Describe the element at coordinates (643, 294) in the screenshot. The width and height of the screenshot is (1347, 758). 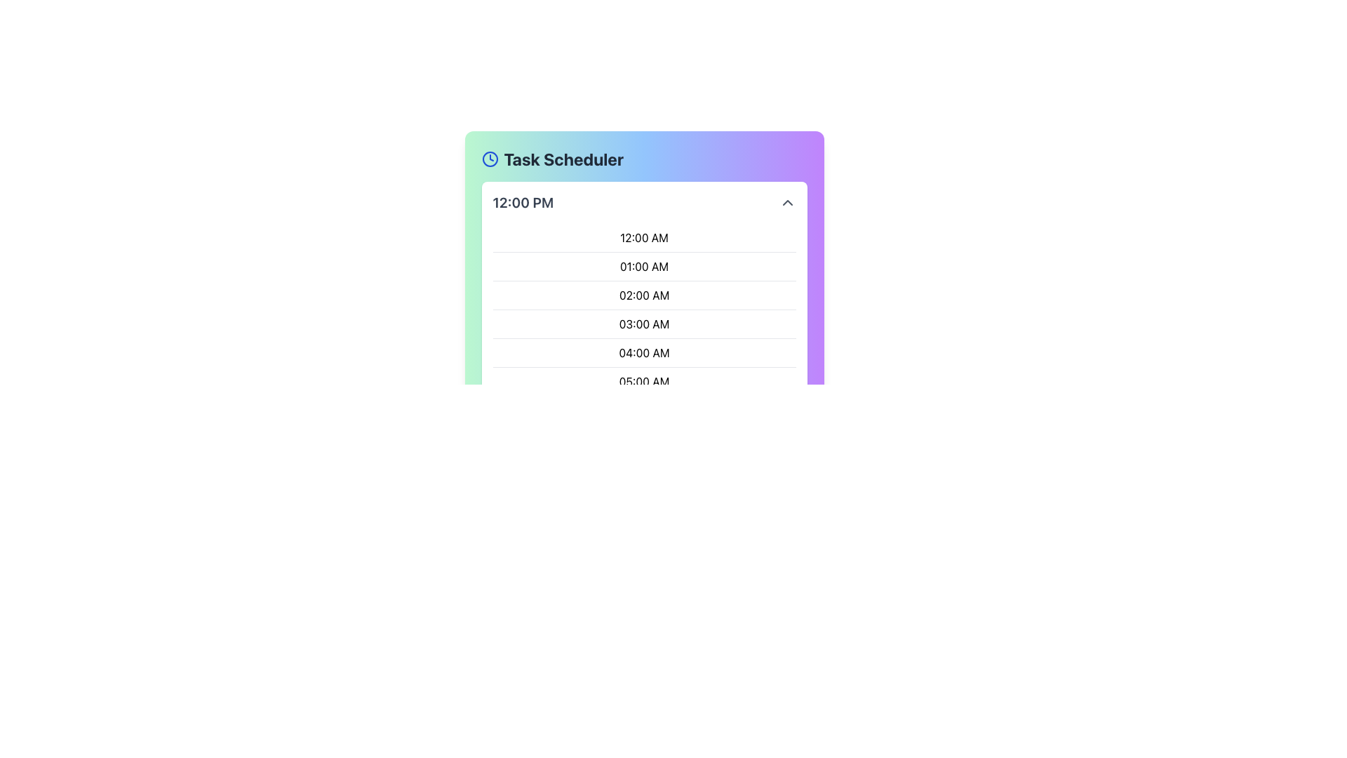
I see `the list item displaying '02:00 AM', which is the third entry in a vertically stacked list of time slots` at that location.